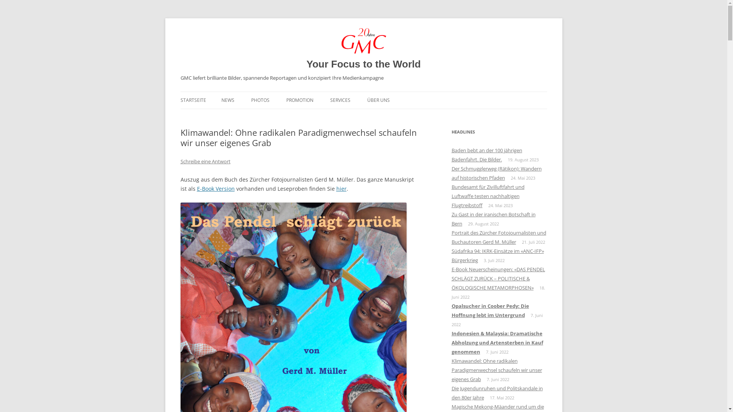  I want to click on 'SERVICES', so click(339, 100).